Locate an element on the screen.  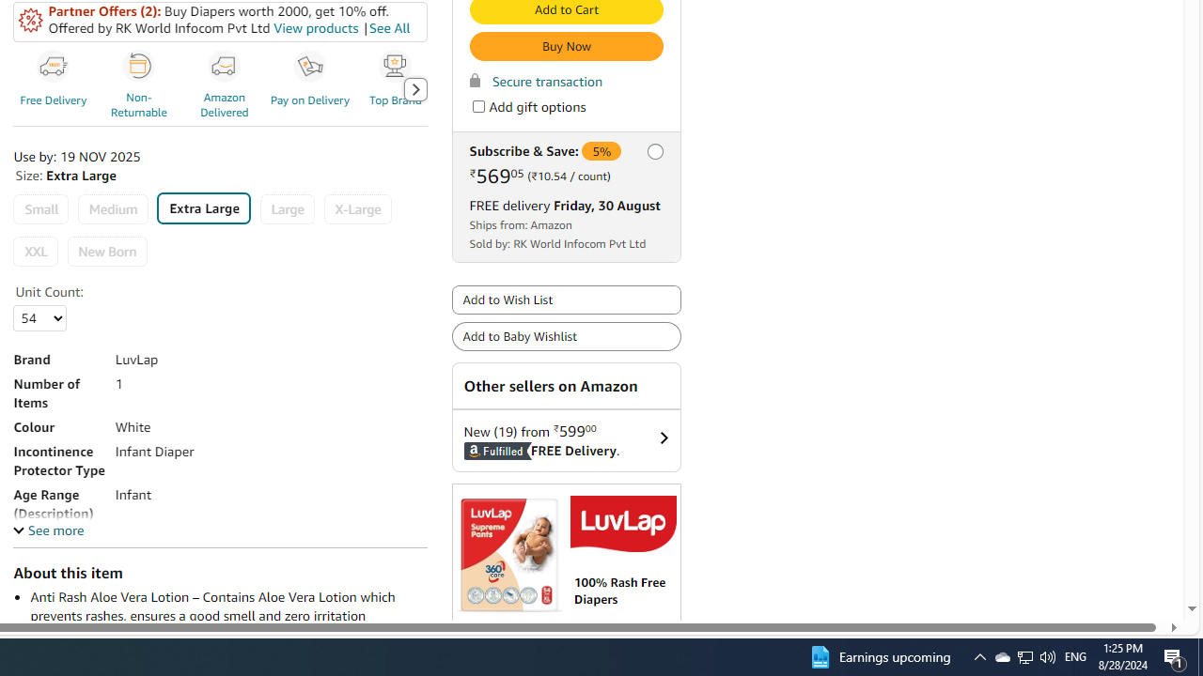
'Medium' is located at coordinates (112, 209).